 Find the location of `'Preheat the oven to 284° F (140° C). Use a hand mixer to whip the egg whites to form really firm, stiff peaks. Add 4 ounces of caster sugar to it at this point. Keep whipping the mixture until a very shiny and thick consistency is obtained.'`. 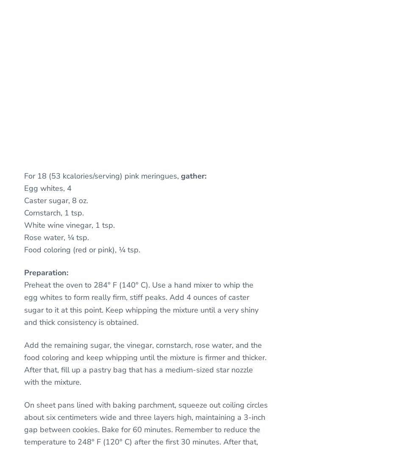

'Preheat the oven to 284° F (140° C). Use a hand mixer to whip the egg whites to form really firm, stiff peaks. Add 4 ounces of caster sugar to it at this point. Keep whipping the mixture until a very shiny and thick consistency is obtained.' is located at coordinates (141, 303).